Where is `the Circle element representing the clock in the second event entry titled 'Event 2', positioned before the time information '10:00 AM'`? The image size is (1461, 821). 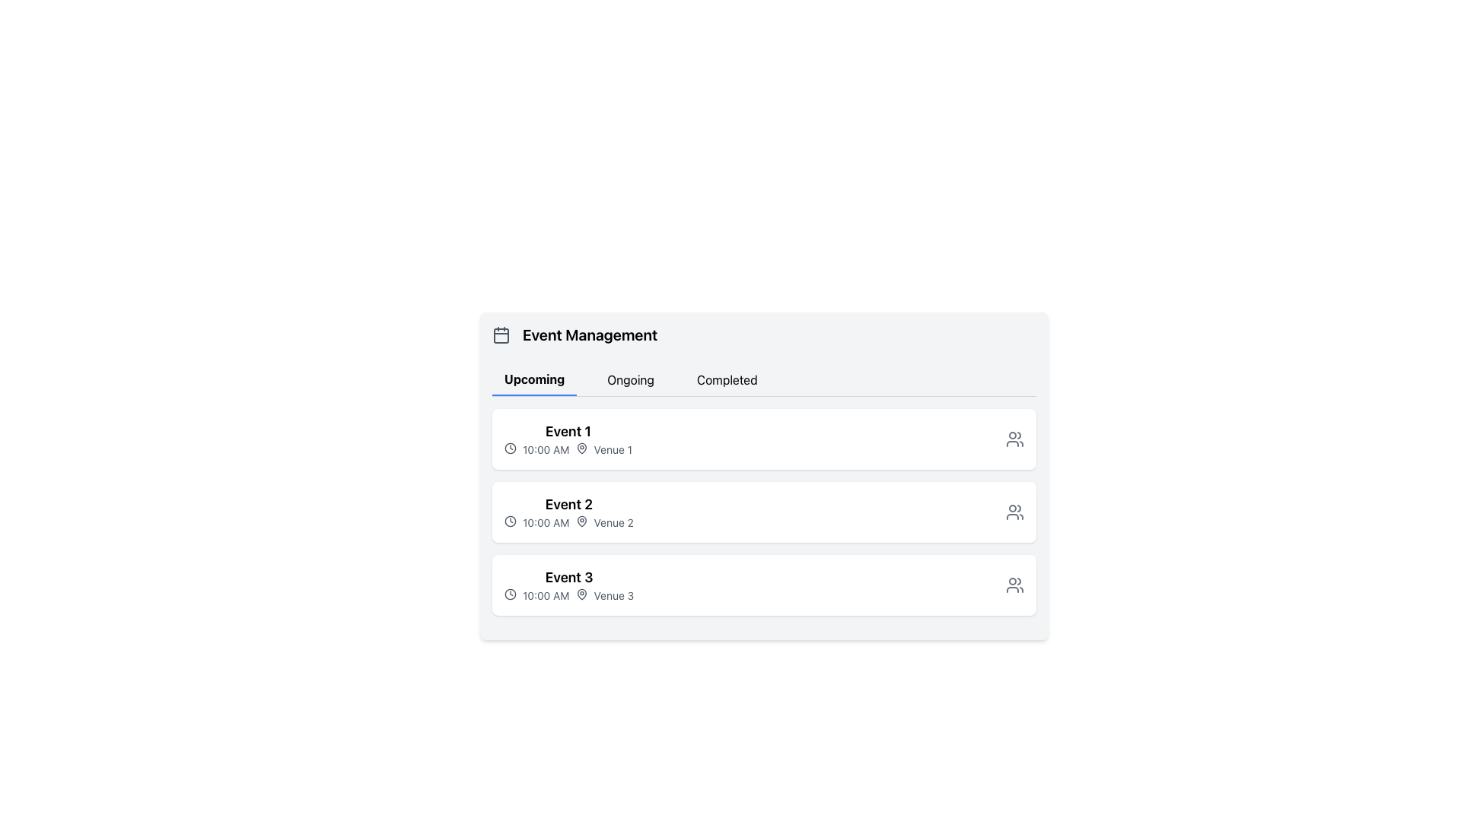
the Circle element representing the clock in the second event entry titled 'Event 2', positioned before the time information '10:00 AM' is located at coordinates (511, 521).